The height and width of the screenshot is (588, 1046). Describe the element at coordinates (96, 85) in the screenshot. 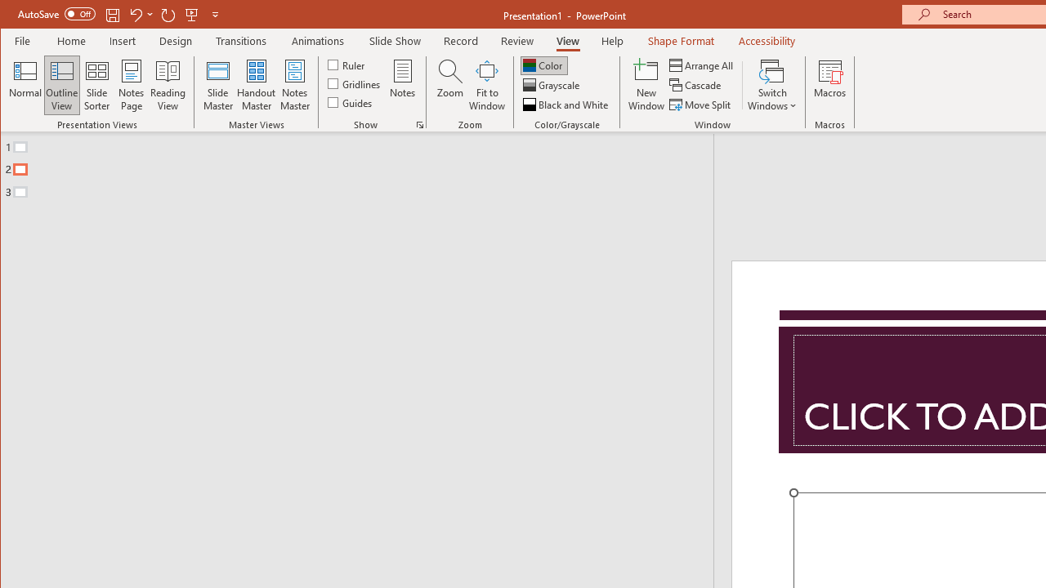

I see `'Slide Sorter'` at that location.